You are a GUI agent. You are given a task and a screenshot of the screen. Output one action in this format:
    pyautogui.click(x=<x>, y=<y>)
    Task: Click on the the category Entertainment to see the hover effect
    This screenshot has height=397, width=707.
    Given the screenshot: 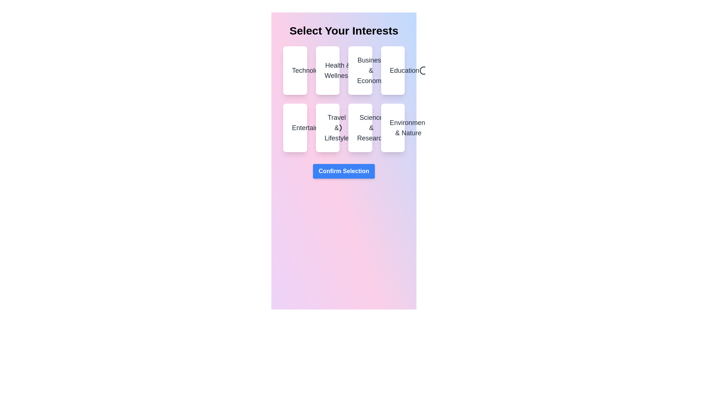 What is the action you would take?
    pyautogui.click(x=295, y=127)
    